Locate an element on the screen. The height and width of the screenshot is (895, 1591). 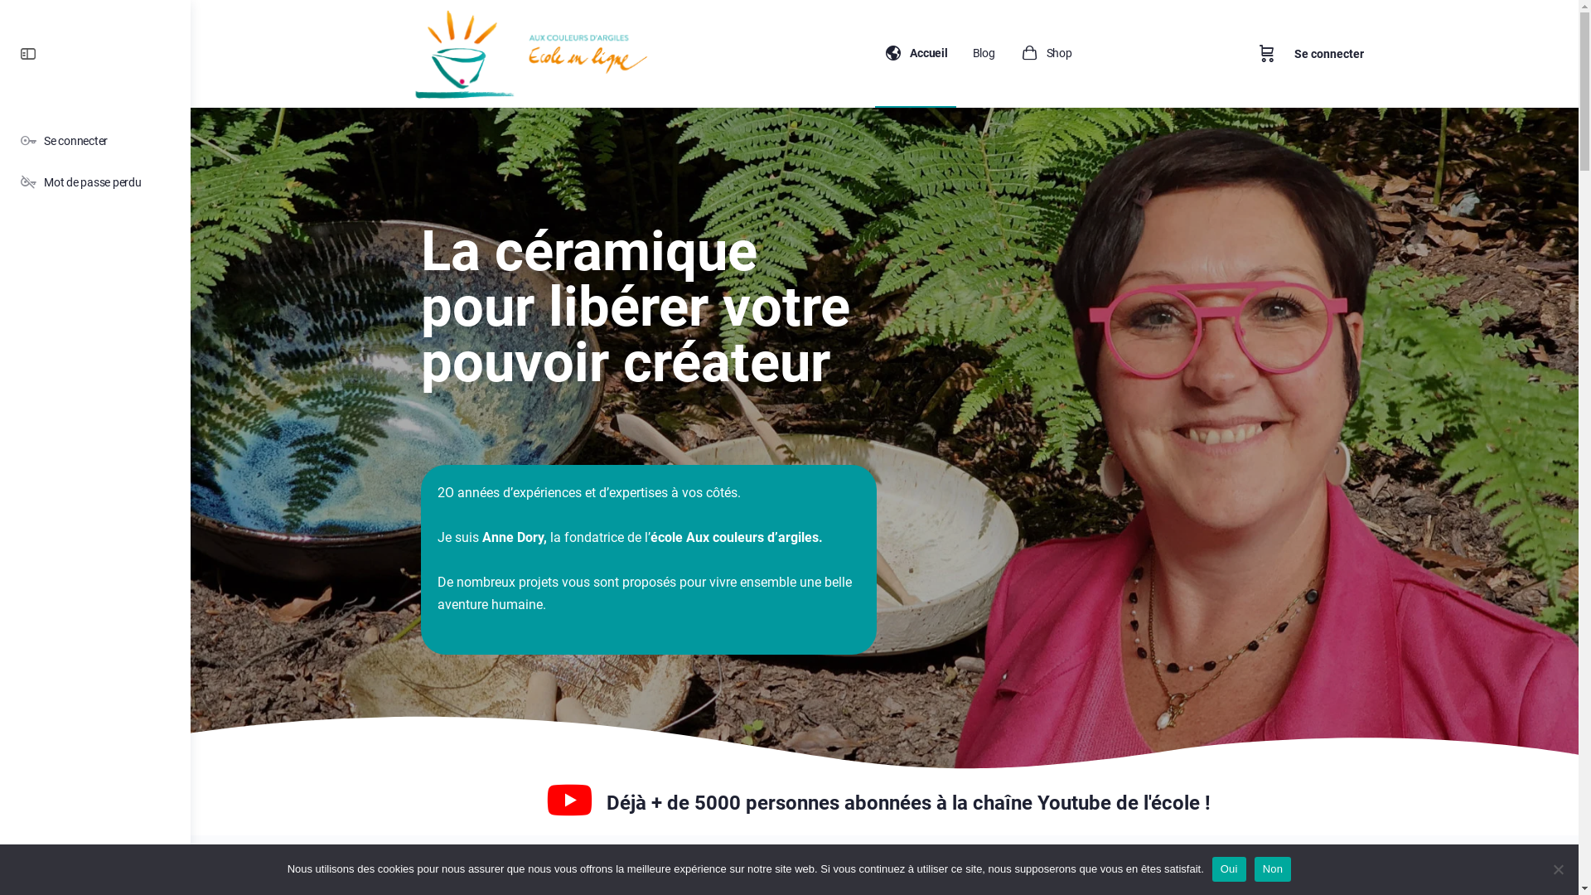
'Accueil' is located at coordinates (914, 53).